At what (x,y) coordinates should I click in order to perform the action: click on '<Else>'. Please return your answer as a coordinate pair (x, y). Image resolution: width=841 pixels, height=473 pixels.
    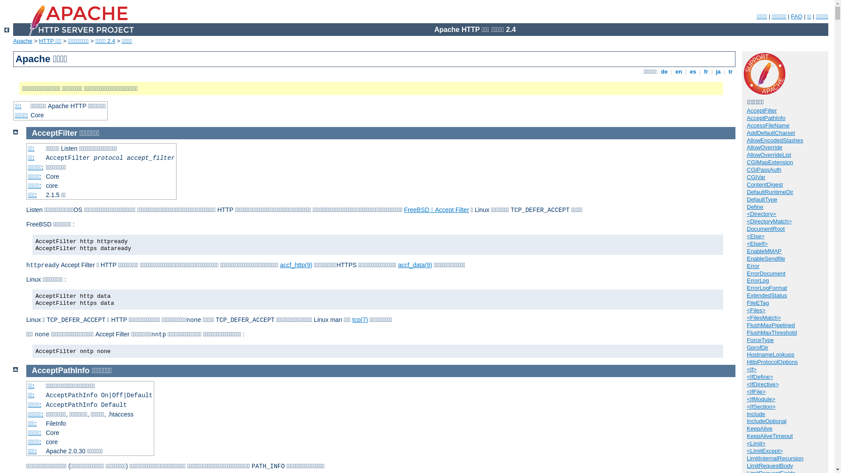
    Looking at the image, I should click on (755, 236).